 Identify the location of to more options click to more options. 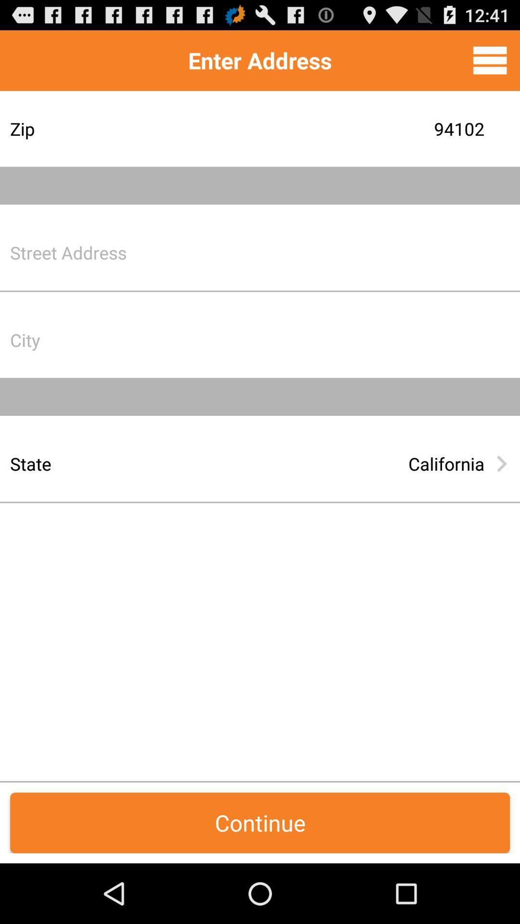
(490, 60).